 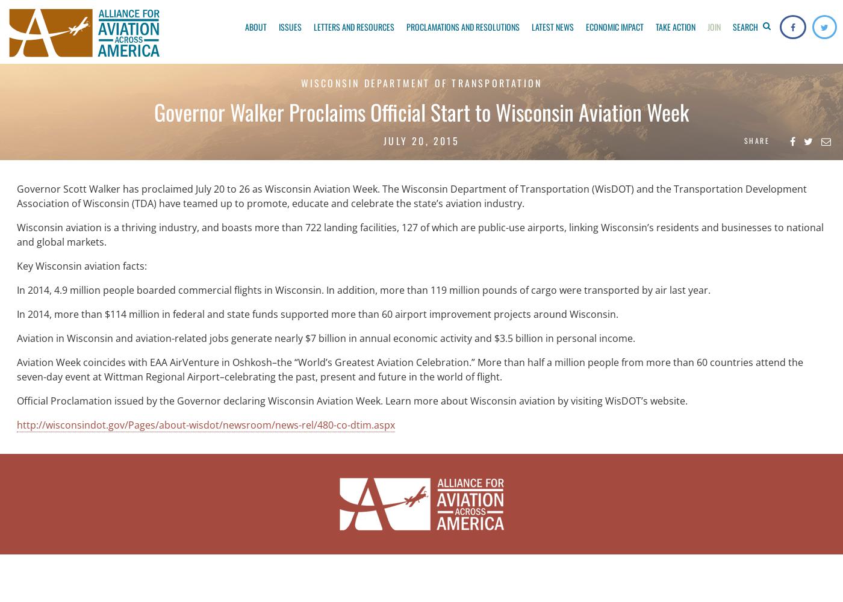 What do you see at coordinates (255, 26) in the screenshot?
I see `'About'` at bounding box center [255, 26].